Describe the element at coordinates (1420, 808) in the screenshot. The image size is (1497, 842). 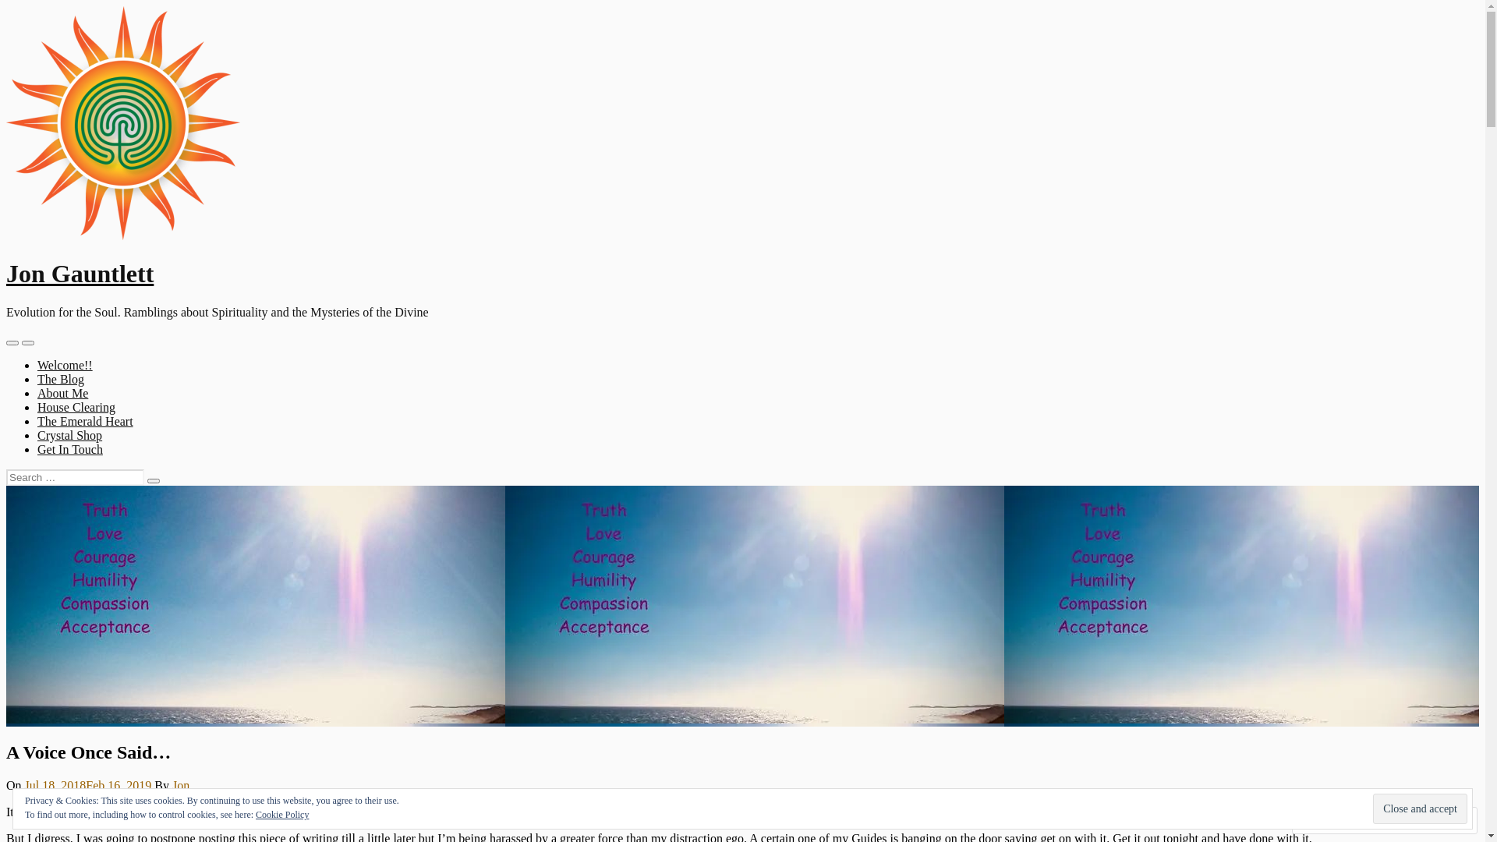
I see `'Close and accept'` at that location.